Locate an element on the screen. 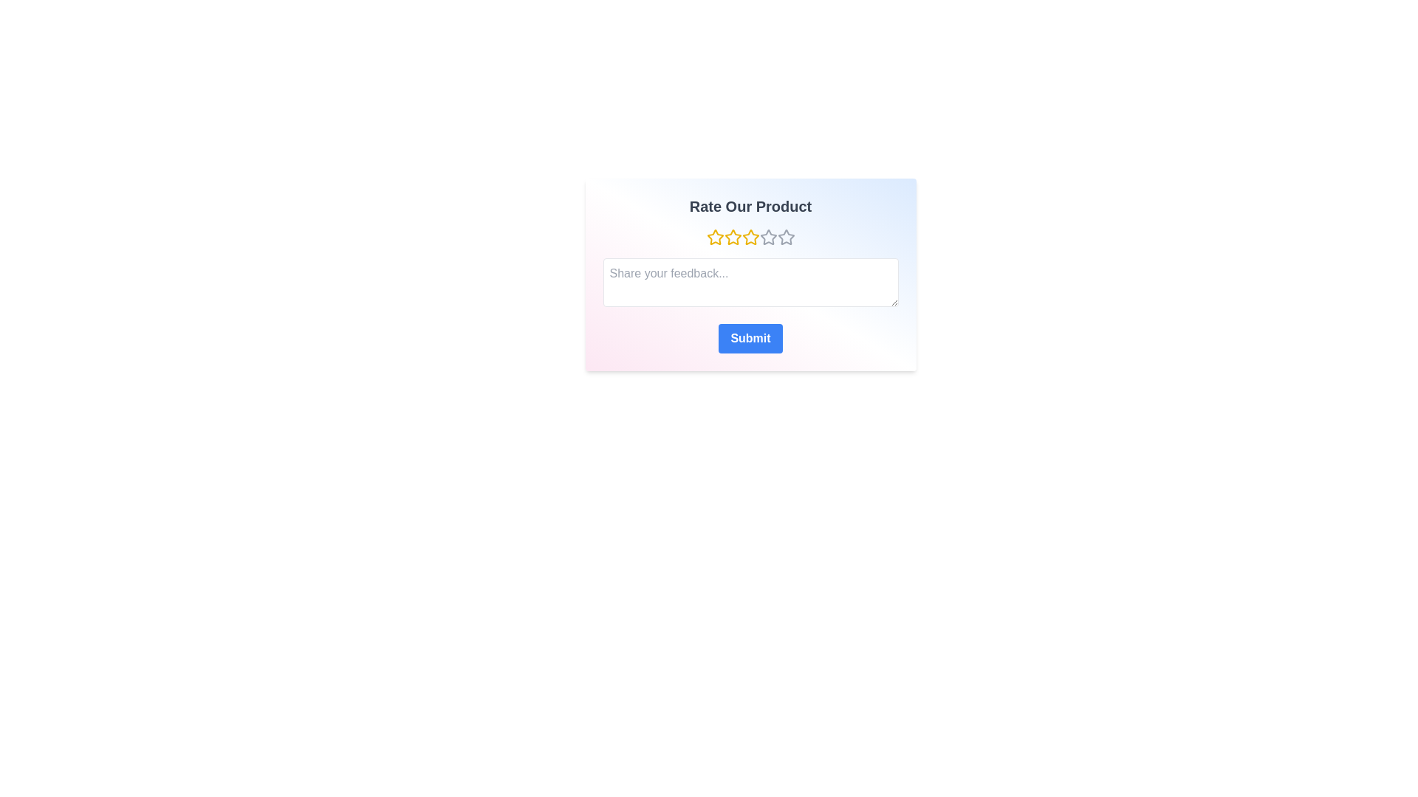  the star corresponding to 4 to preview the rating is located at coordinates (768, 236).